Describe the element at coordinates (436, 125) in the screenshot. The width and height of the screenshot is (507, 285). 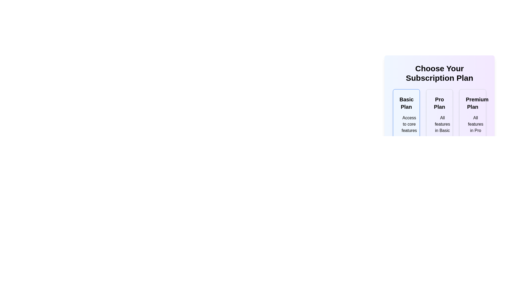
I see `the green checkmark icon located in the 'Pro Plan' subscription card` at that location.